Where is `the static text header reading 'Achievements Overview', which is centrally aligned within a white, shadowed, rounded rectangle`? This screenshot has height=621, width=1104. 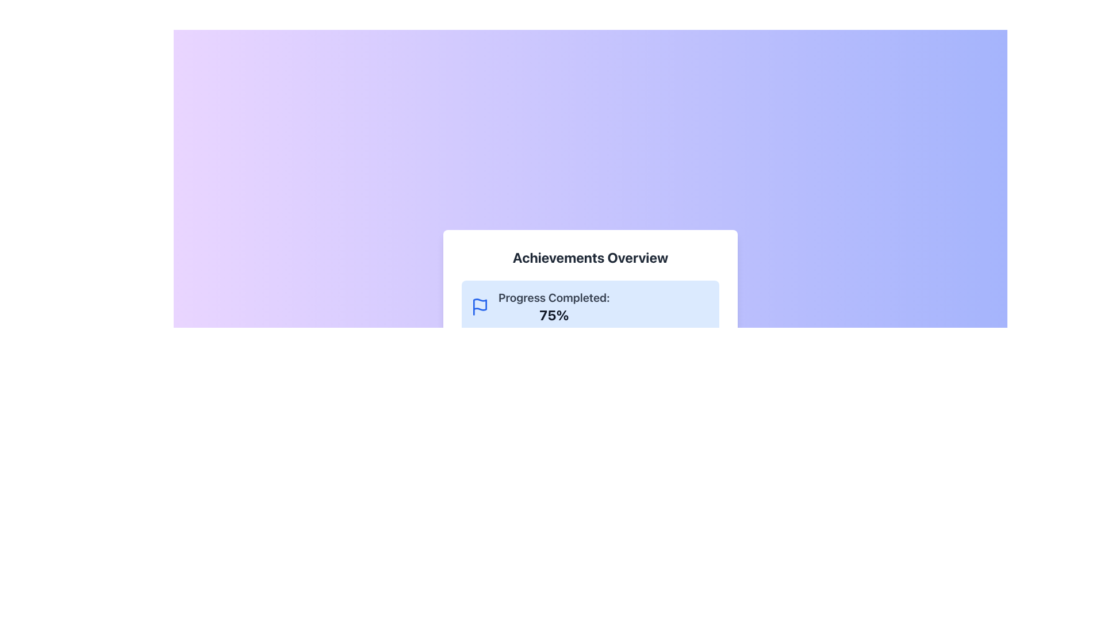
the static text header reading 'Achievements Overview', which is centrally aligned within a white, shadowed, rounded rectangle is located at coordinates (591, 256).